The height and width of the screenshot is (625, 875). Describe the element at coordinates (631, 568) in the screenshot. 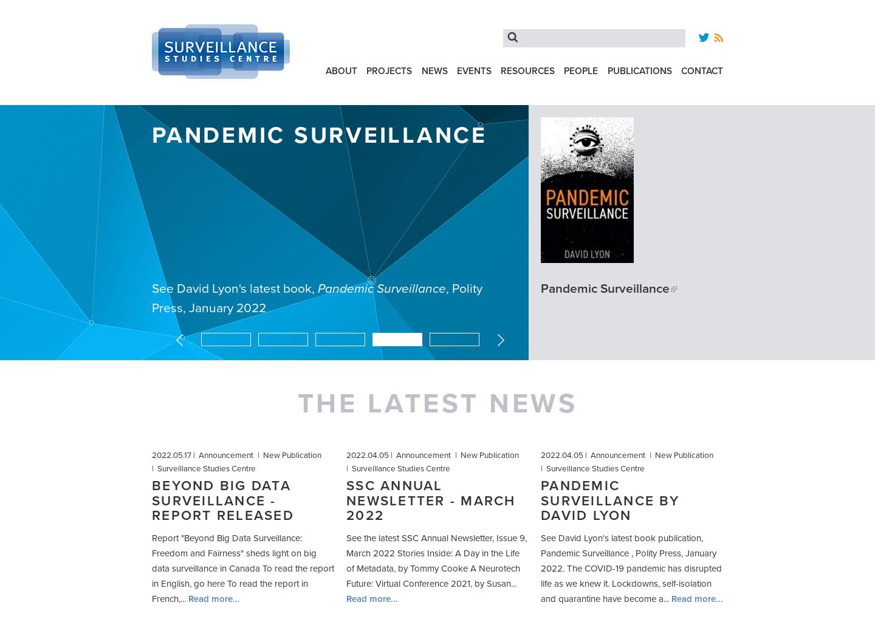

I see `'See David Lyon's latest book publication, Pandemic Surveillance , Polity Press, January 2022. The COVID-19 pandemic has disrupted life as we knew it. Lockdowns, self-isolation and quarantine have become a...'` at that location.